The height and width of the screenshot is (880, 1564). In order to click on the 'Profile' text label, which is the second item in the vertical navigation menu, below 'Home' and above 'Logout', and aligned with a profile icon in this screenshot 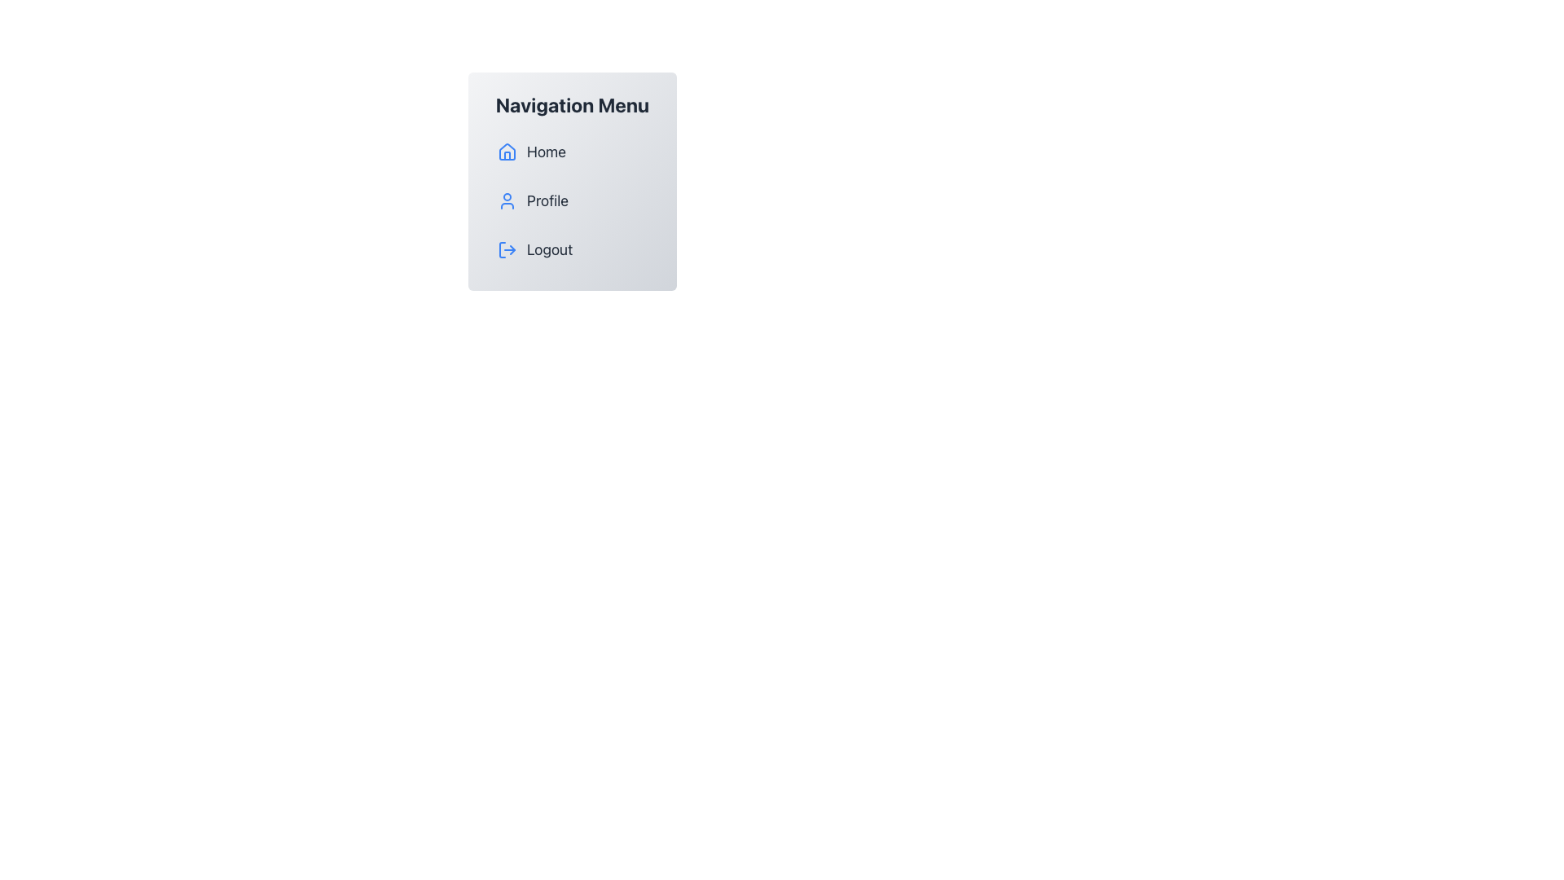, I will do `click(547, 200)`.